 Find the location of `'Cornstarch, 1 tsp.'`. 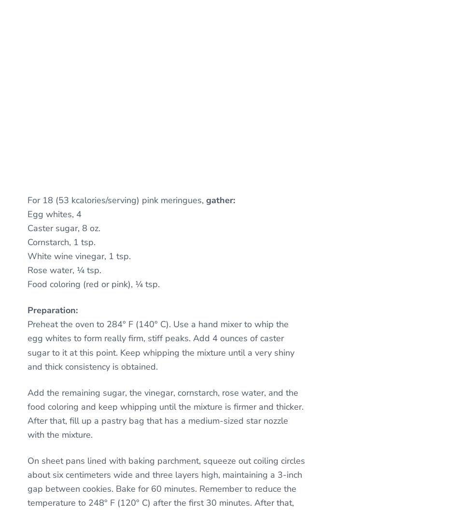

'Cornstarch, 1 tsp.' is located at coordinates (61, 242).